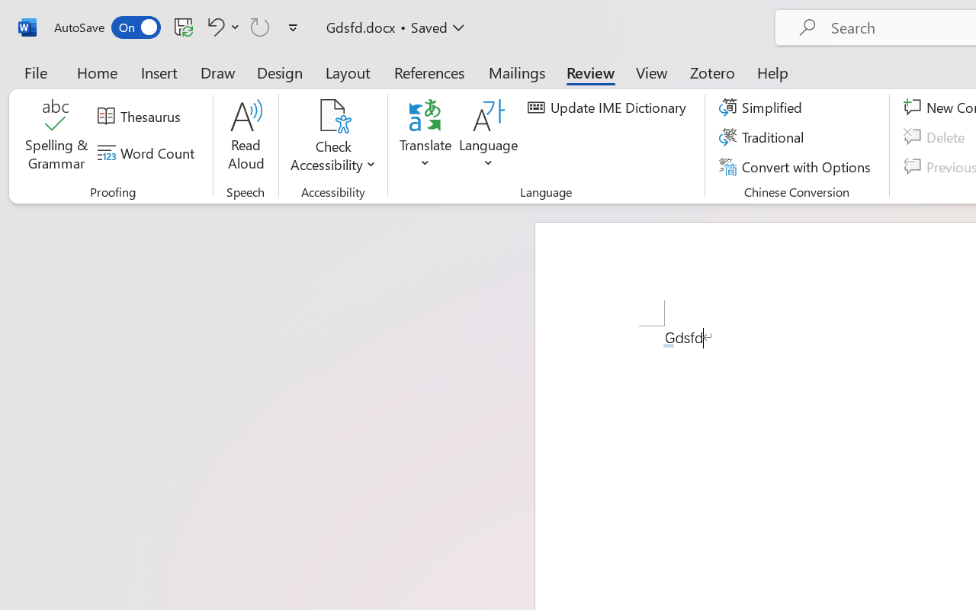 The width and height of the screenshot is (976, 610). Describe the element at coordinates (56, 136) in the screenshot. I see `'Spelling & Grammar'` at that location.